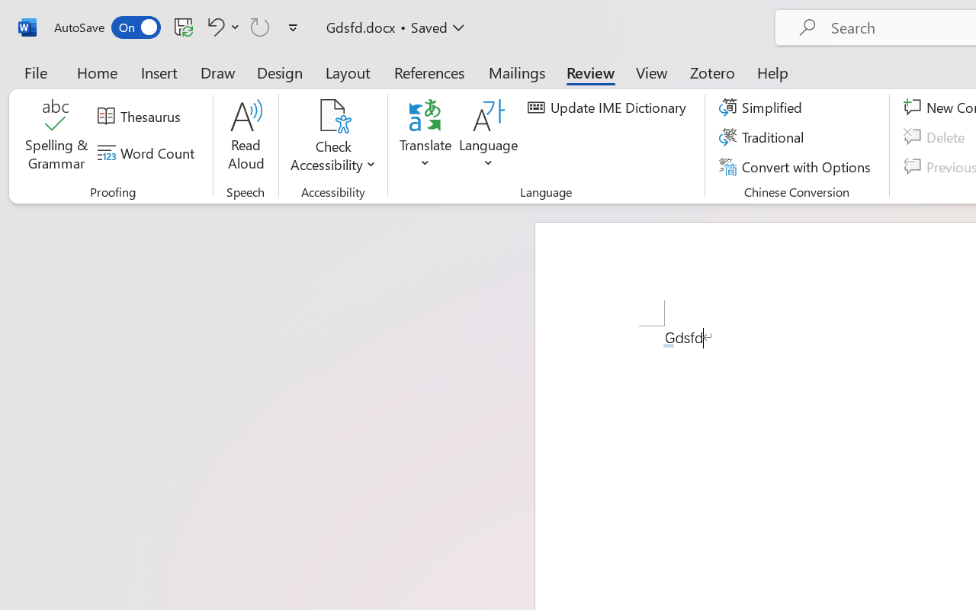 The width and height of the screenshot is (976, 610). Describe the element at coordinates (56, 136) in the screenshot. I see `'Spelling & Grammar'` at that location.